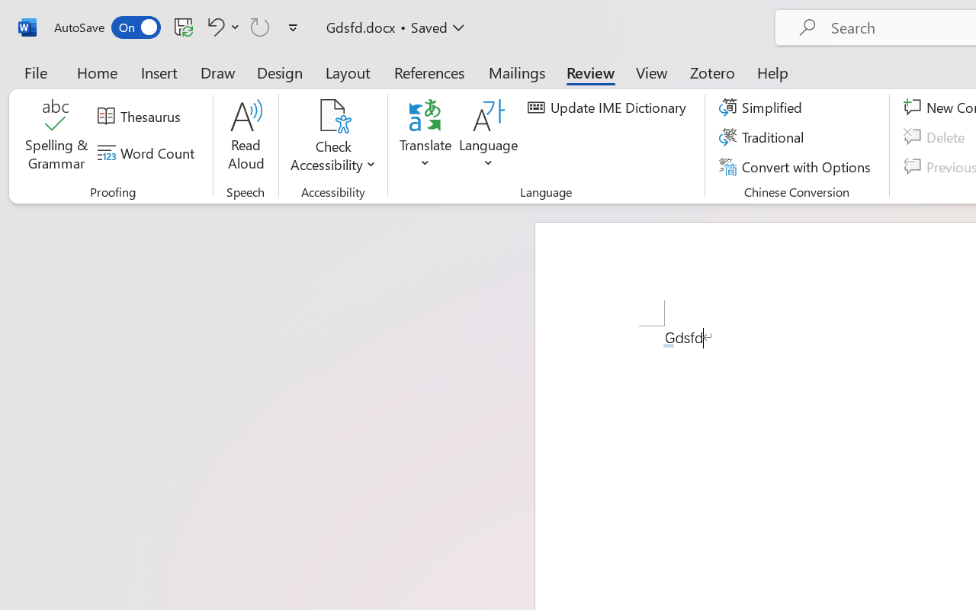 The width and height of the screenshot is (976, 610). Describe the element at coordinates (56, 136) in the screenshot. I see `'Spelling & Grammar'` at that location.